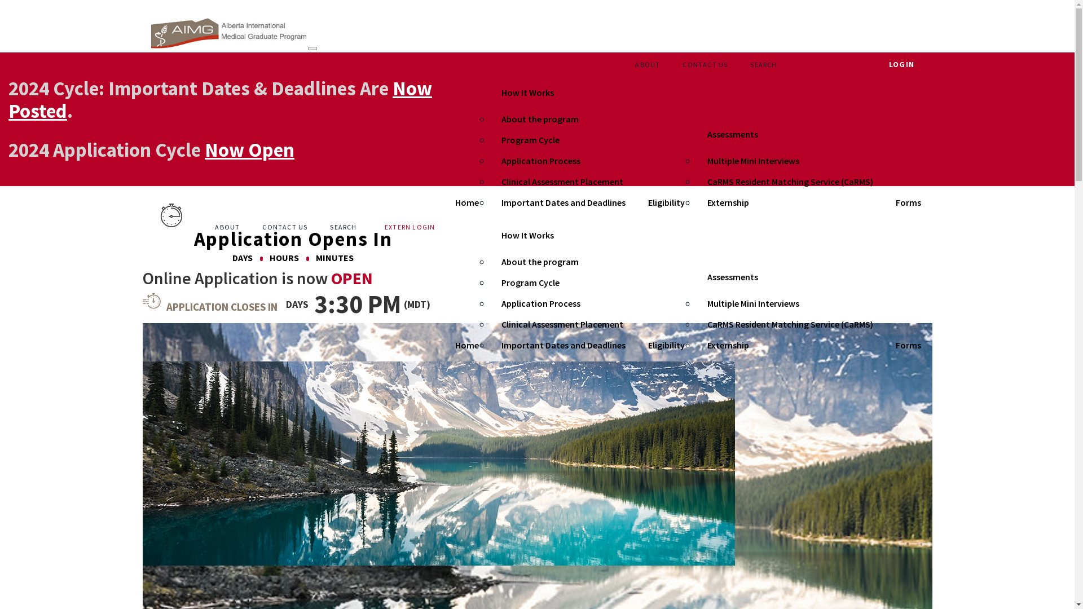 This screenshot has height=609, width=1083. Describe the element at coordinates (908, 201) in the screenshot. I see `'Forms'` at that location.